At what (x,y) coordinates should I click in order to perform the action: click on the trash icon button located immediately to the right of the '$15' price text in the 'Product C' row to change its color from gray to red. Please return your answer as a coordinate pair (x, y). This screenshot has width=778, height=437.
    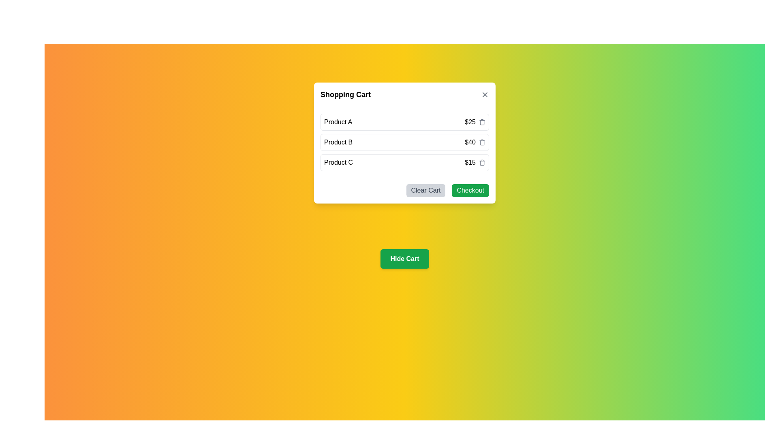
    Looking at the image, I should click on (482, 162).